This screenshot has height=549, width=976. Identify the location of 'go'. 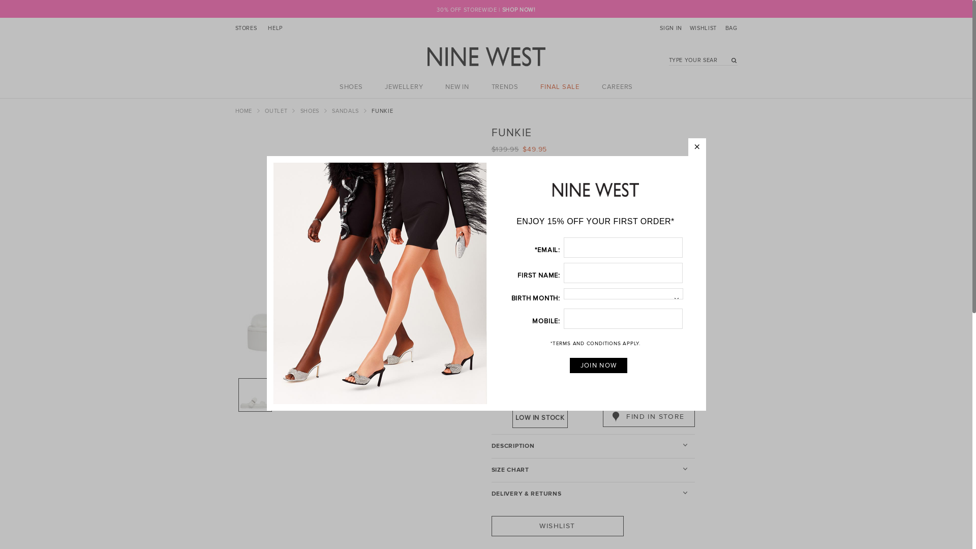
(731, 62).